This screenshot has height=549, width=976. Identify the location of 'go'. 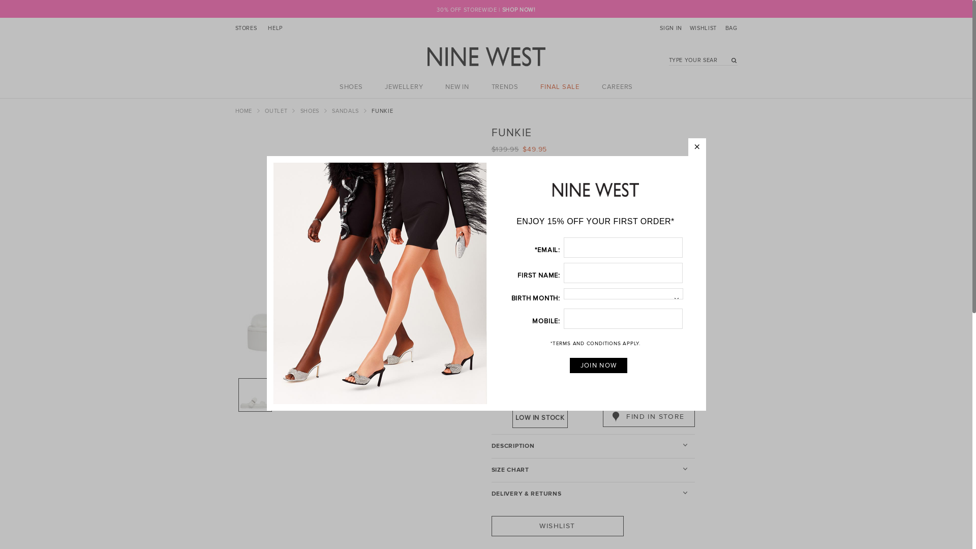
(731, 62).